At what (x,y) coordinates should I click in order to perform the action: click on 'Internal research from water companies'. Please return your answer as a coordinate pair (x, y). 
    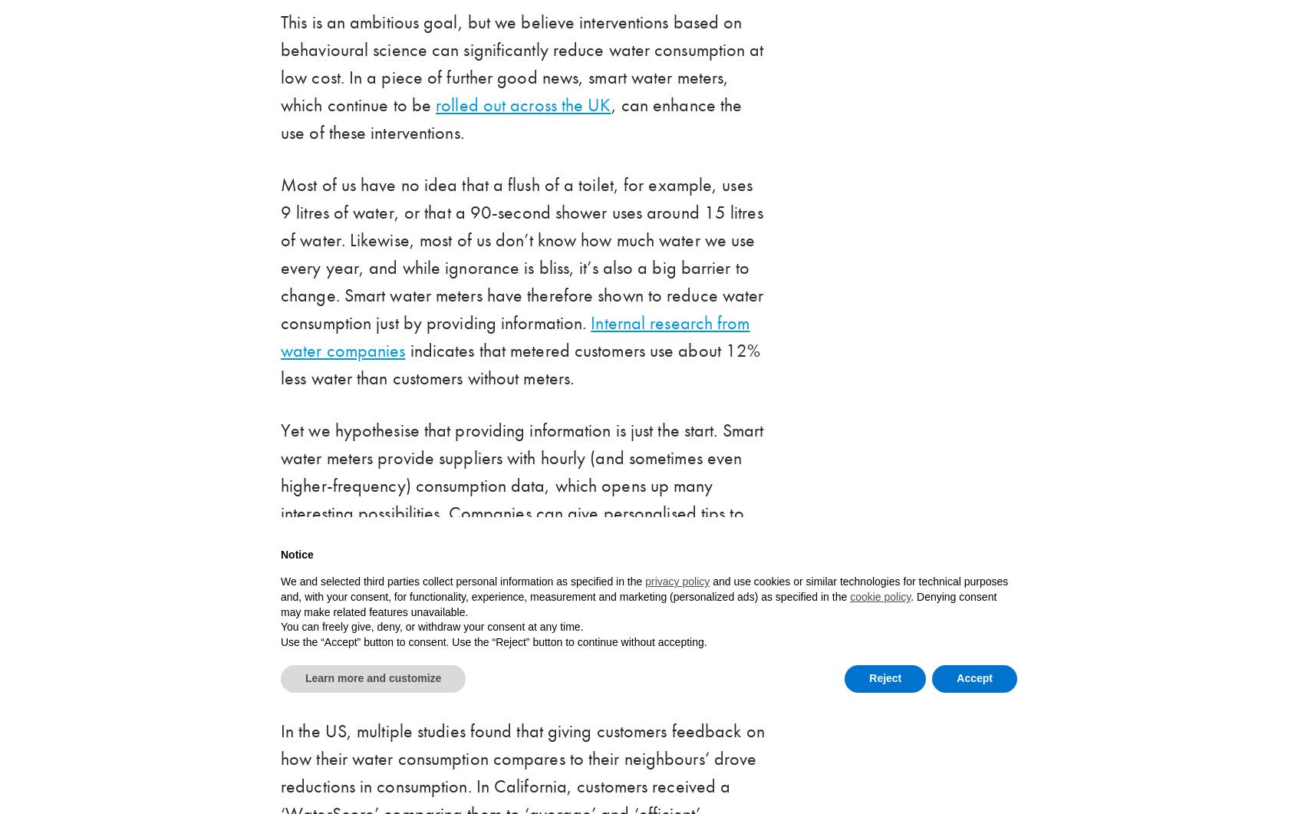
    Looking at the image, I should click on (515, 337).